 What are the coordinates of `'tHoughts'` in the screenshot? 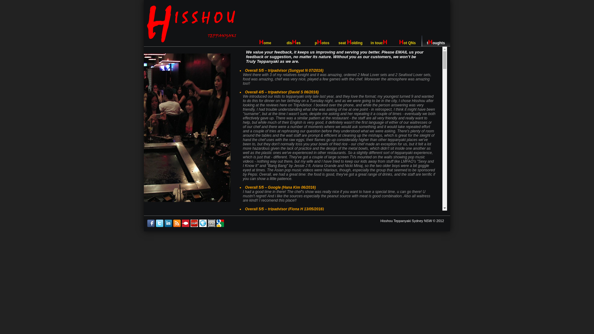 It's located at (436, 41).